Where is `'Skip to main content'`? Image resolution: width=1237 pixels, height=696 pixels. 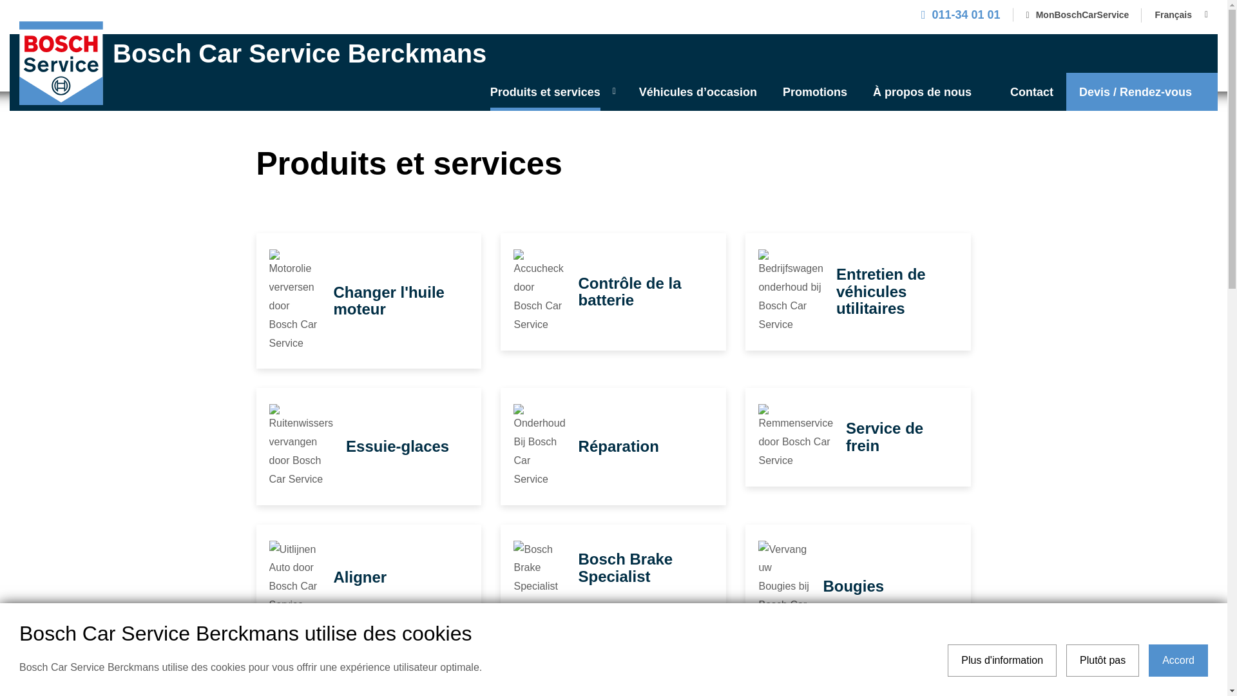 'Skip to main content' is located at coordinates (0, 0).